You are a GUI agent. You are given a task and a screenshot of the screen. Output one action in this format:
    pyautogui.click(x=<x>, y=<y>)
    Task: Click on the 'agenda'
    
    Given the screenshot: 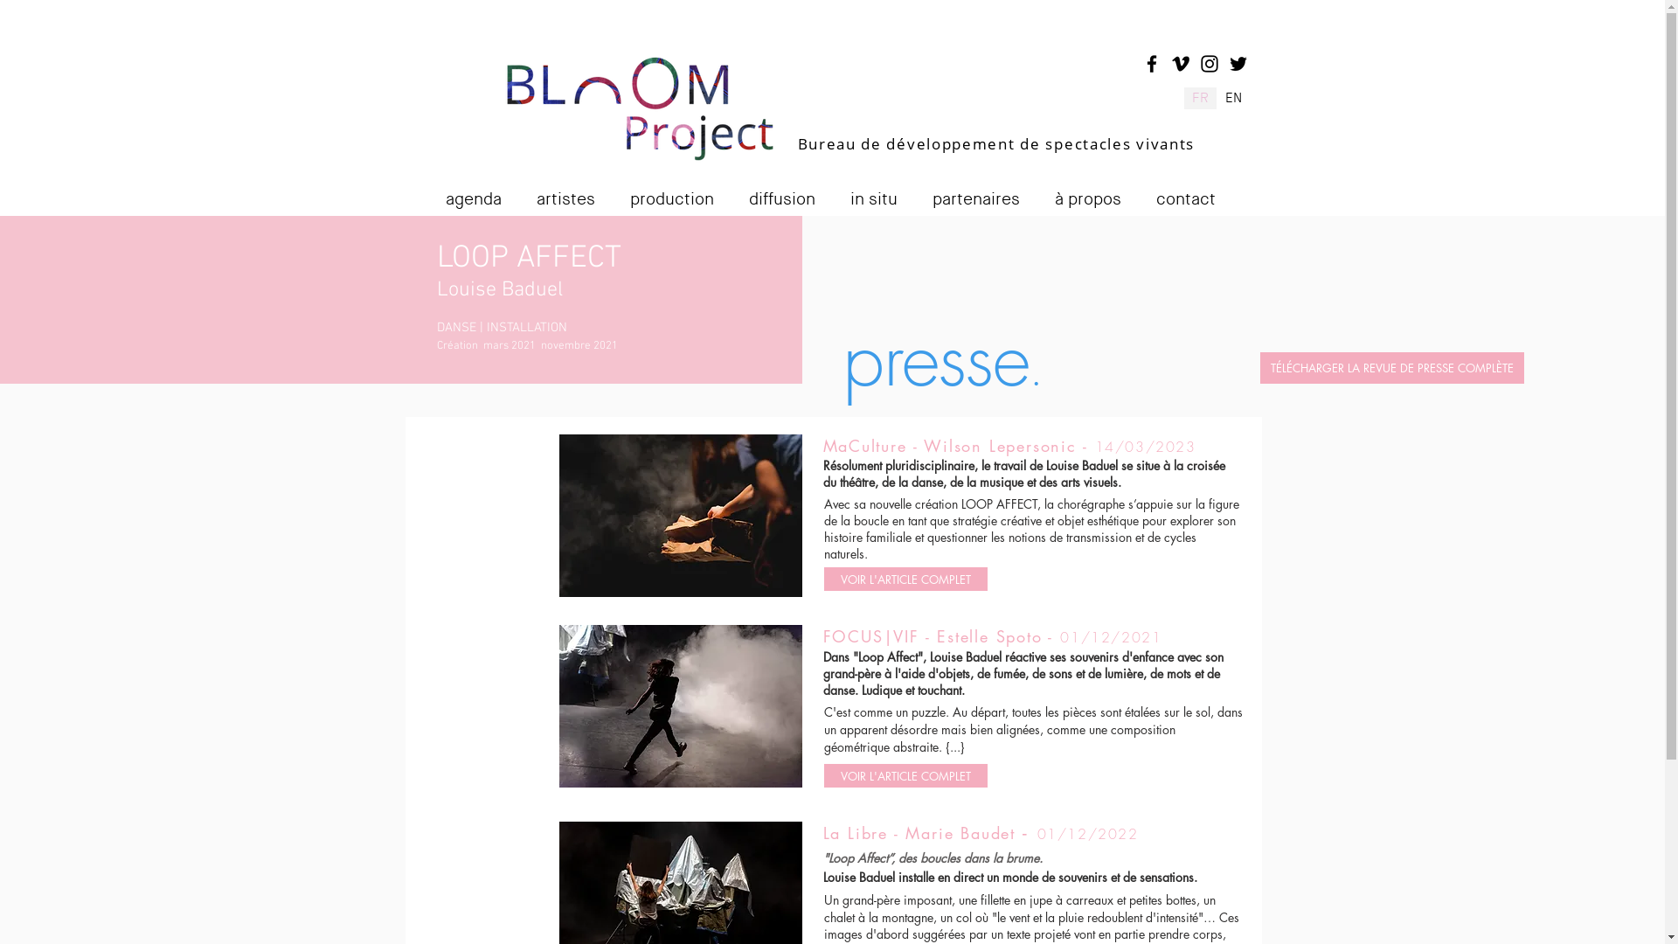 What is the action you would take?
    pyautogui.click(x=483, y=191)
    